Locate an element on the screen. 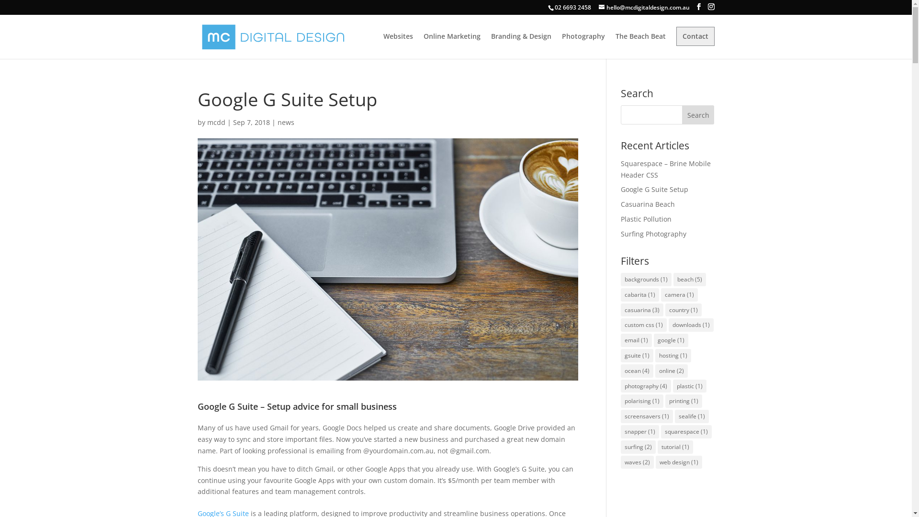 Image resolution: width=919 pixels, height=517 pixels. 'casuarina (3)' is located at coordinates (642, 310).